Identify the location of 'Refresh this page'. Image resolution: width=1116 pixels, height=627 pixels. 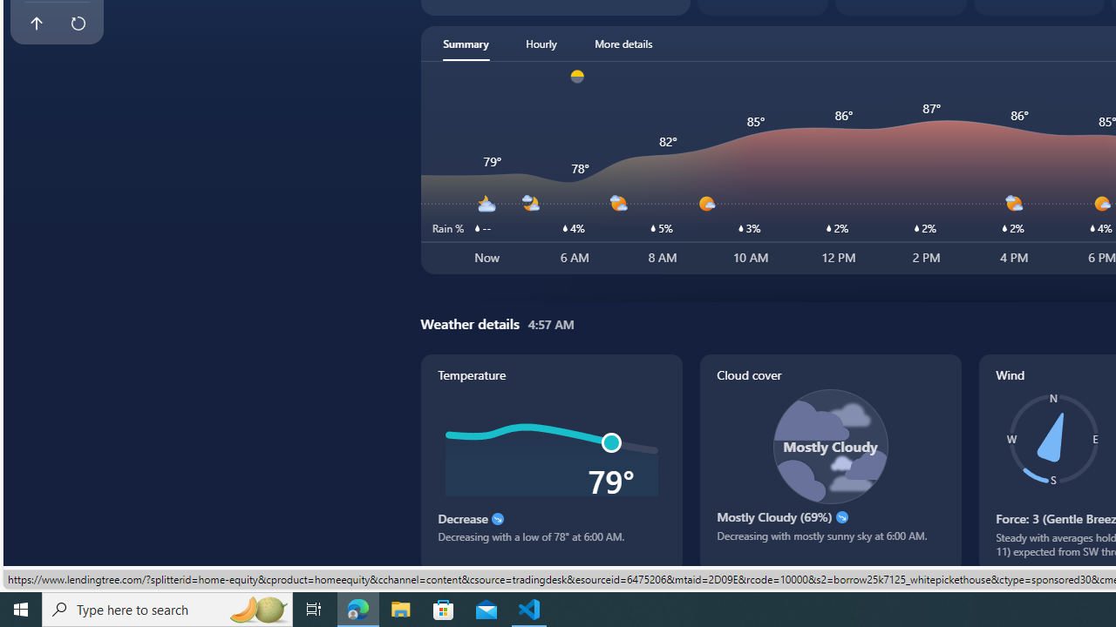
(77, 24).